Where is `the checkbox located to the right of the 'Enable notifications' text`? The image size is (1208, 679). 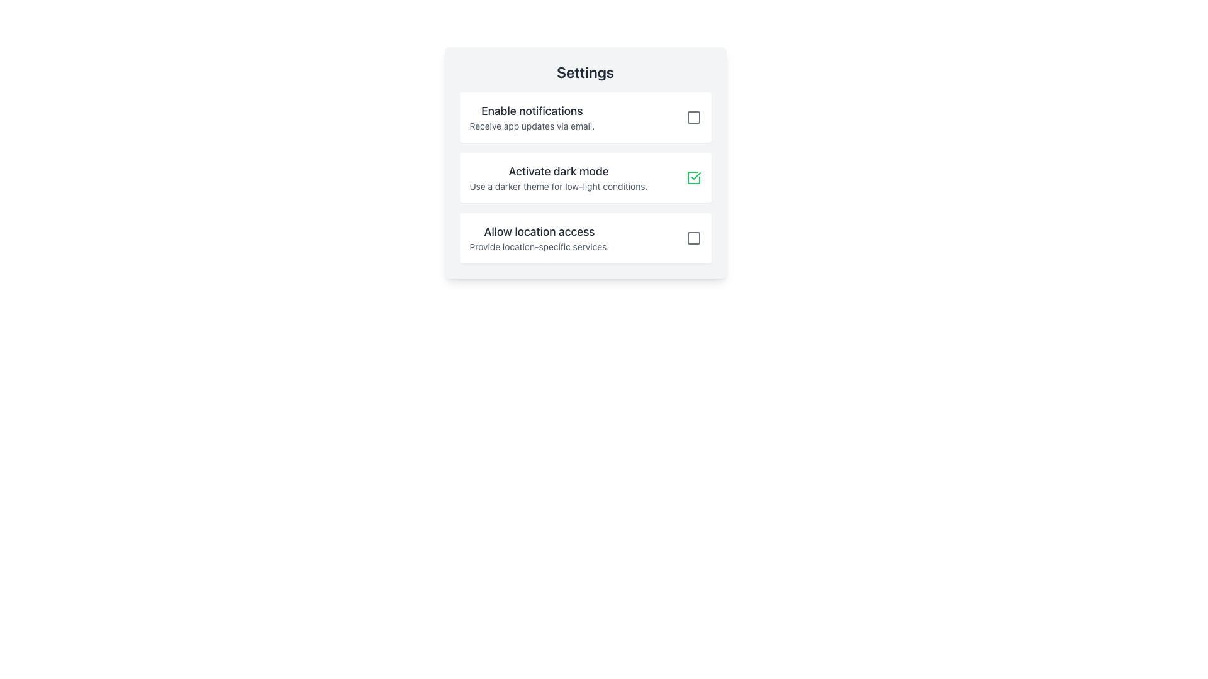 the checkbox located to the right of the 'Enable notifications' text is located at coordinates (693, 117).